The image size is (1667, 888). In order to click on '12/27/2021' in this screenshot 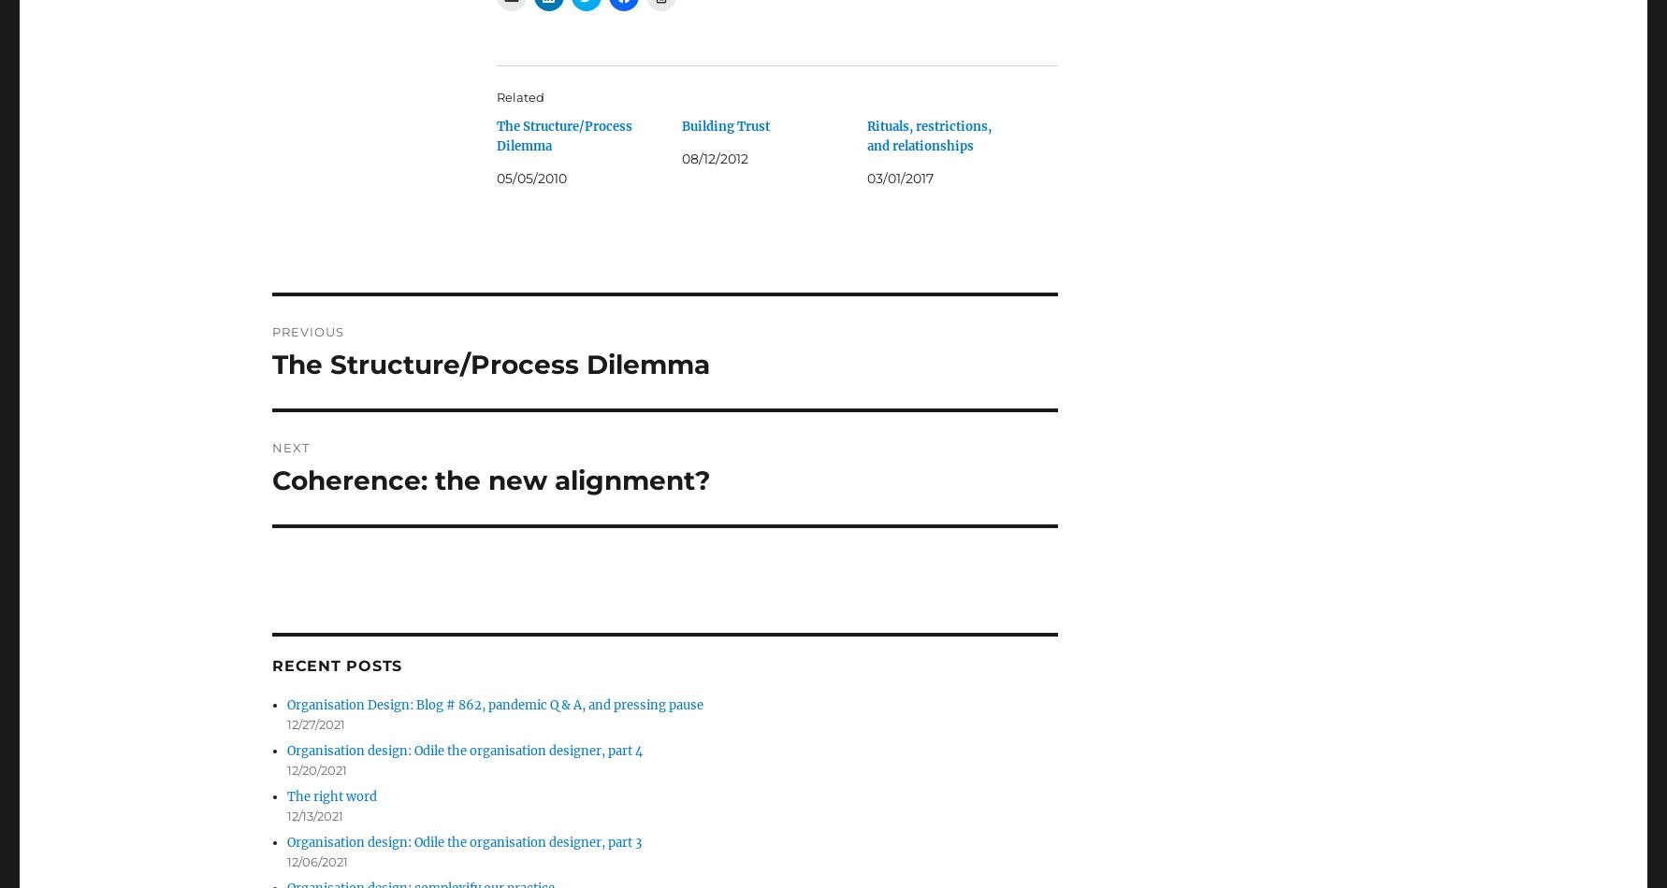, I will do `click(315, 723)`.